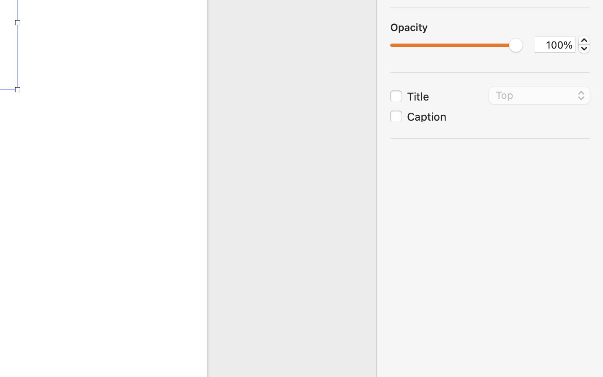  Describe the element at coordinates (539, 96) in the screenshot. I see `'Top'` at that location.